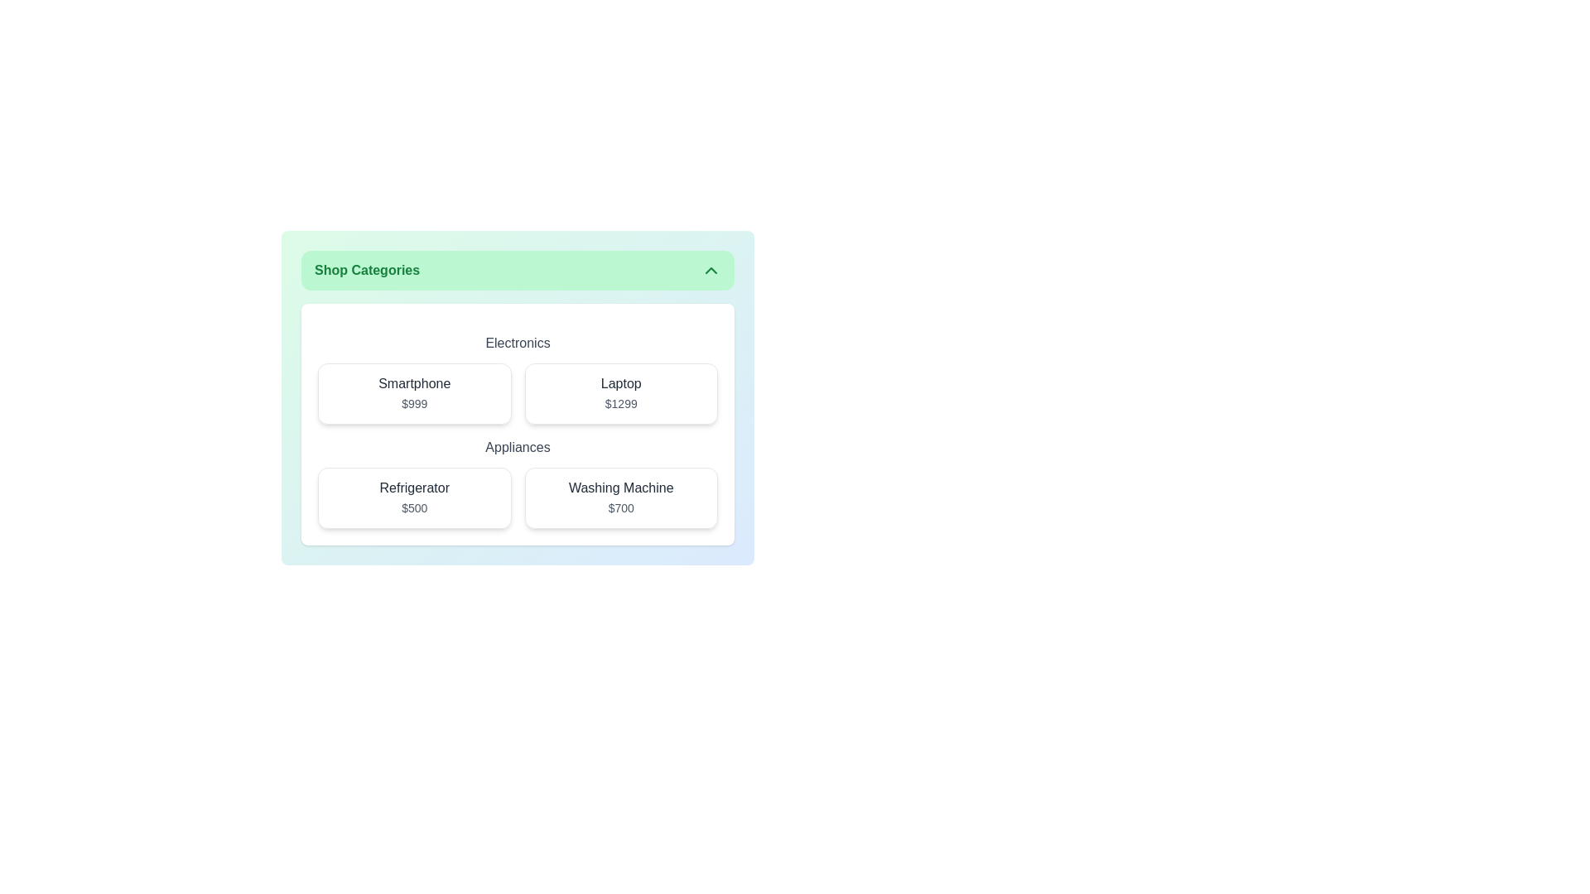 The width and height of the screenshot is (1590, 894). What do you see at coordinates (414, 488) in the screenshot?
I see `the text label displaying 'Refrigerator' styled with a medium-weight gray font, which is located in a rectangular card under the 'Appliances' section` at bounding box center [414, 488].